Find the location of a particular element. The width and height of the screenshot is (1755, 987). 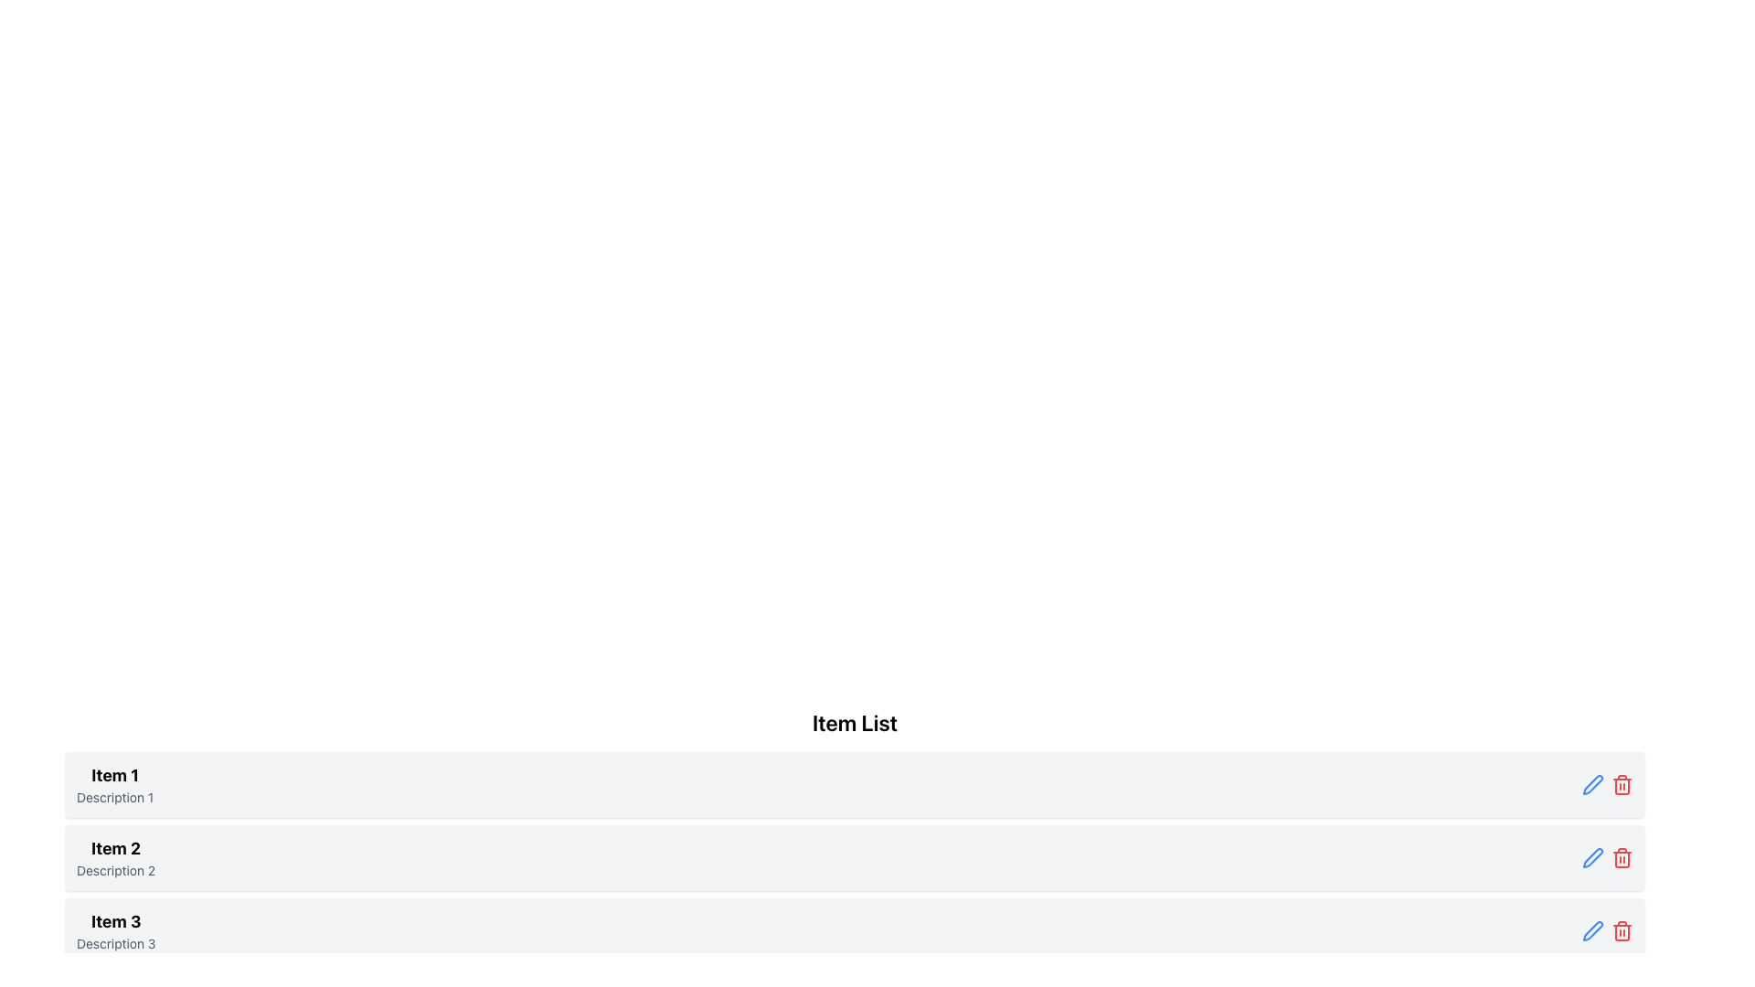

text of the label displaying 'Item List', which is a bold and large font text located at the top of the item list section is located at coordinates (854, 721).